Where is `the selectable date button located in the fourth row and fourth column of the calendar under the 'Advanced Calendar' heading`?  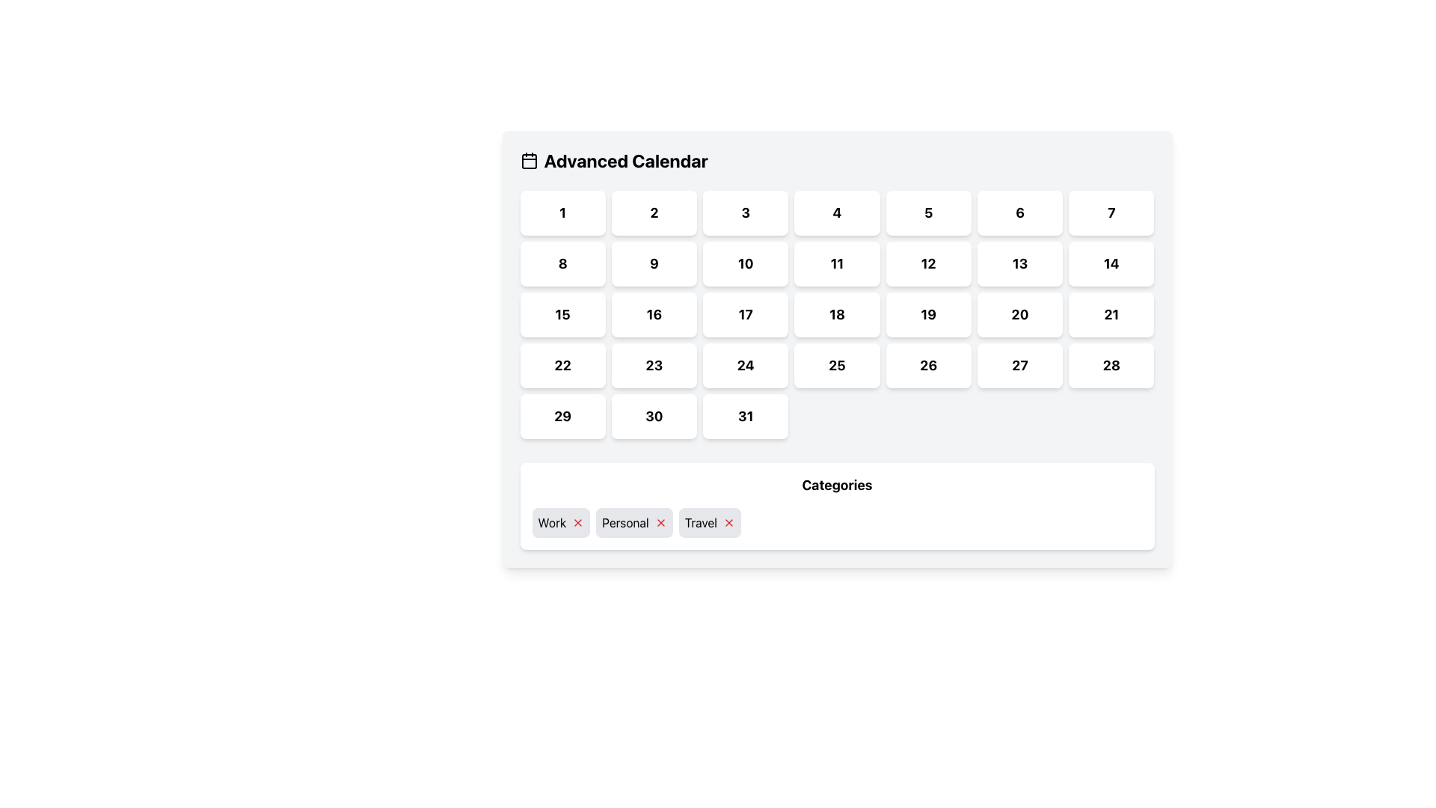 the selectable date button located in the fourth row and fourth column of the calendar under the 'Advanced Calendar' heading is located at coordinates (746, 366).